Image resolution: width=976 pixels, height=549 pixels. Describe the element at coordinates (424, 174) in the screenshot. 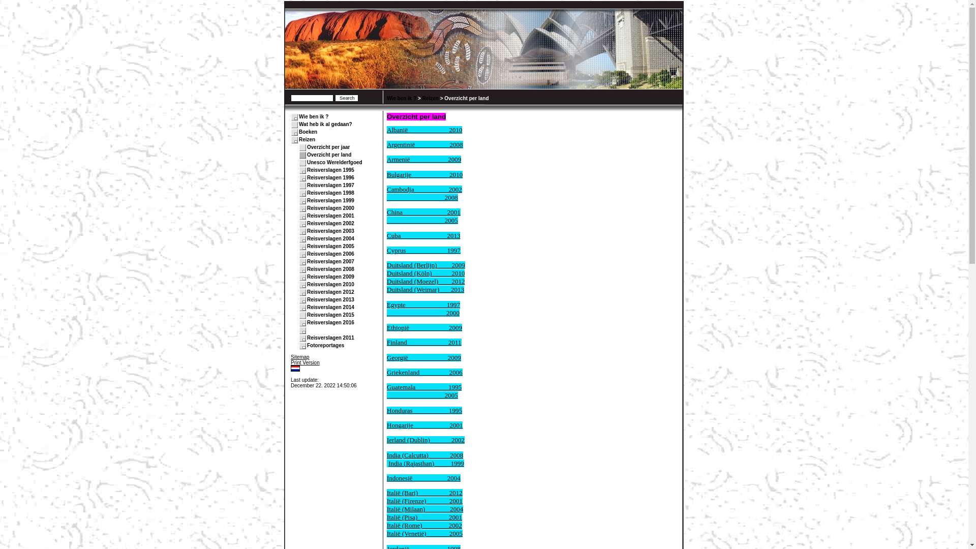

I see `'Bulgarije                       2010'` at that location.